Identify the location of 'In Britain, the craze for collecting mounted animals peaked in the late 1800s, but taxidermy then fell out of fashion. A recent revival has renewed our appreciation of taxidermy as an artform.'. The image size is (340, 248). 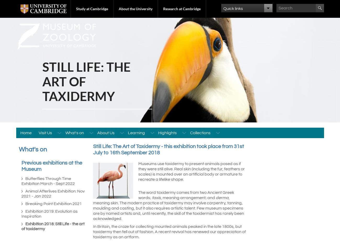
(169, 232).